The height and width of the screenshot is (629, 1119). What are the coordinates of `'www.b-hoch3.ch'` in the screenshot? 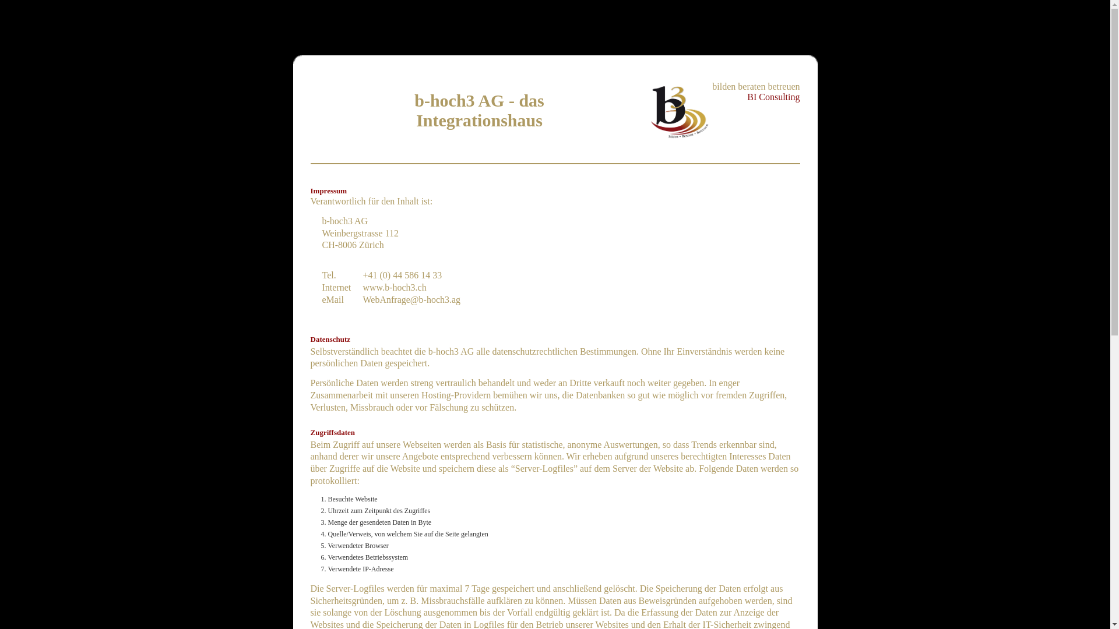 It's located at (394, 287).